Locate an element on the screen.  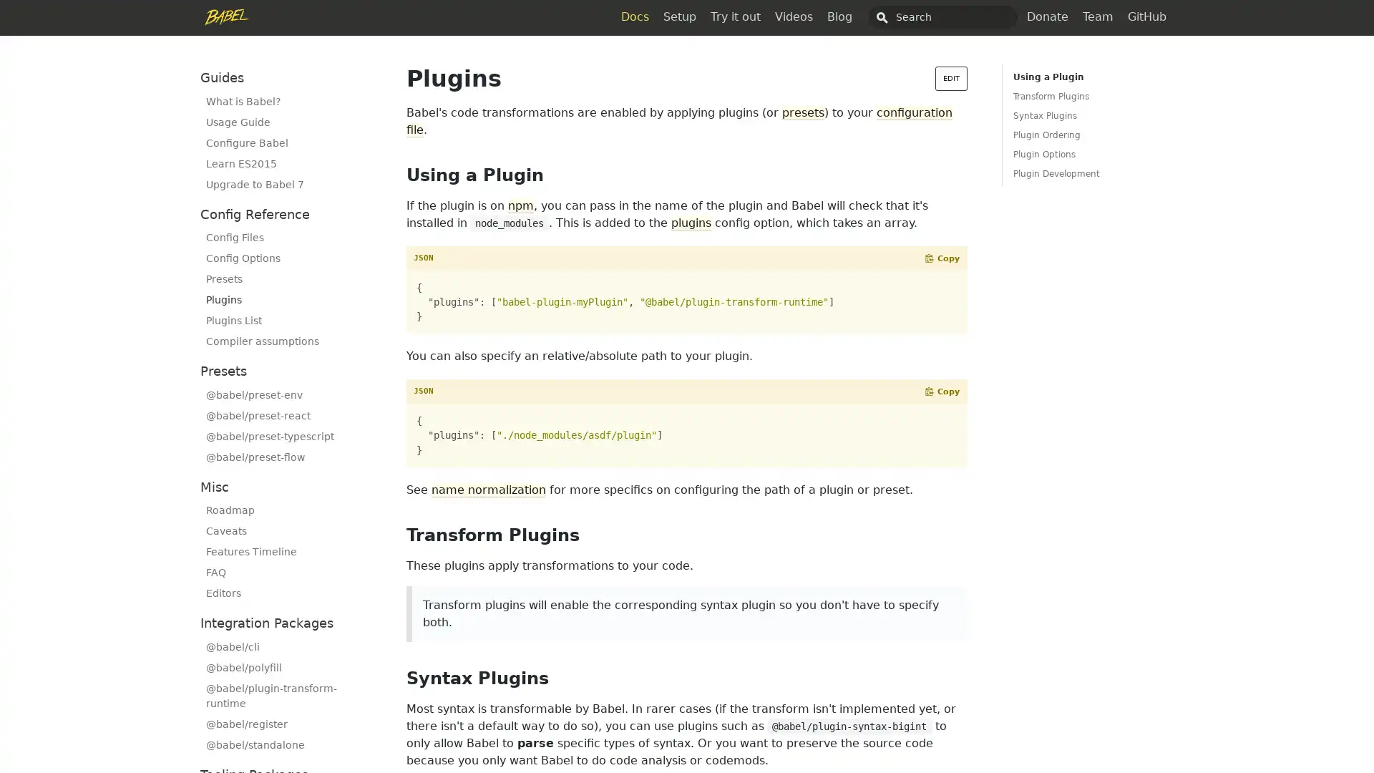
Copy code to clipboard is located at coordinates (942, 258).